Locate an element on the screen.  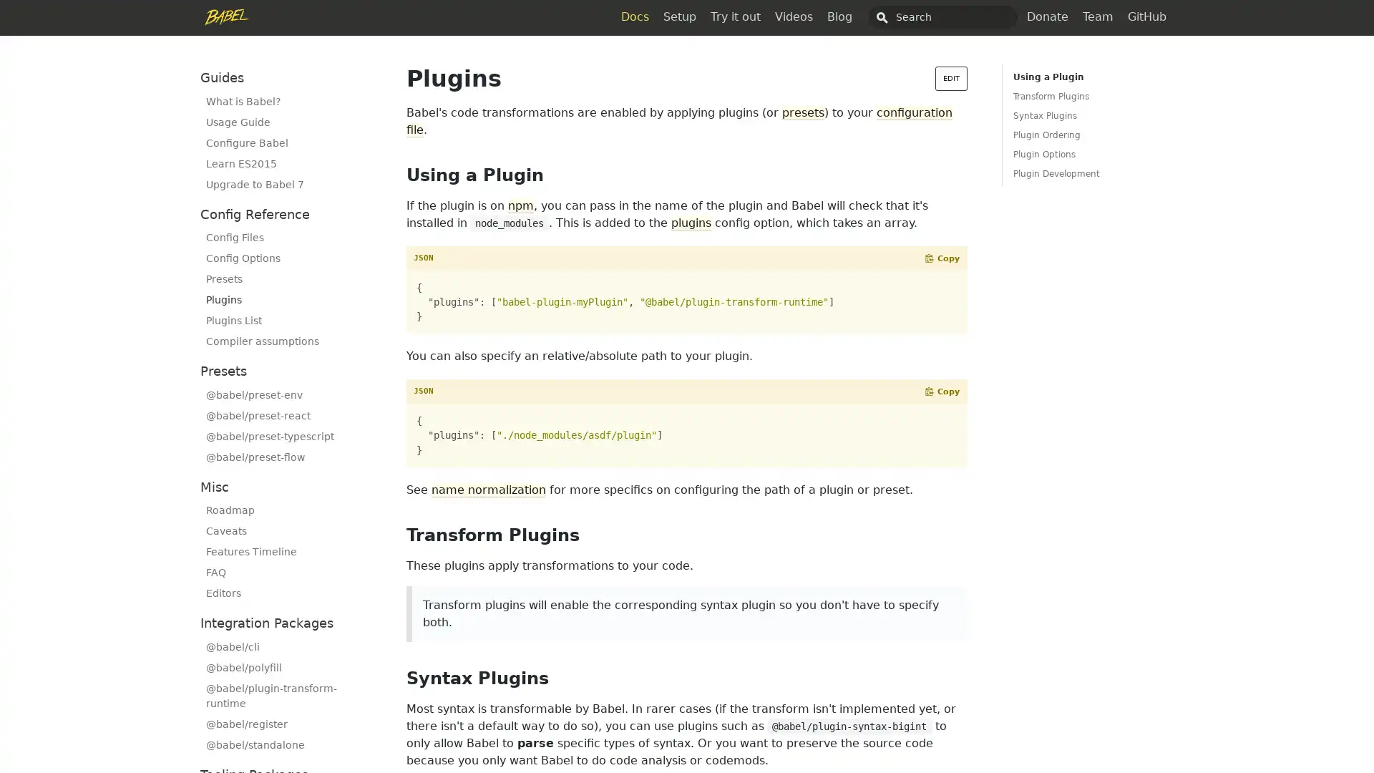
Copy code to clipboard is located at coordinates (942, 258).